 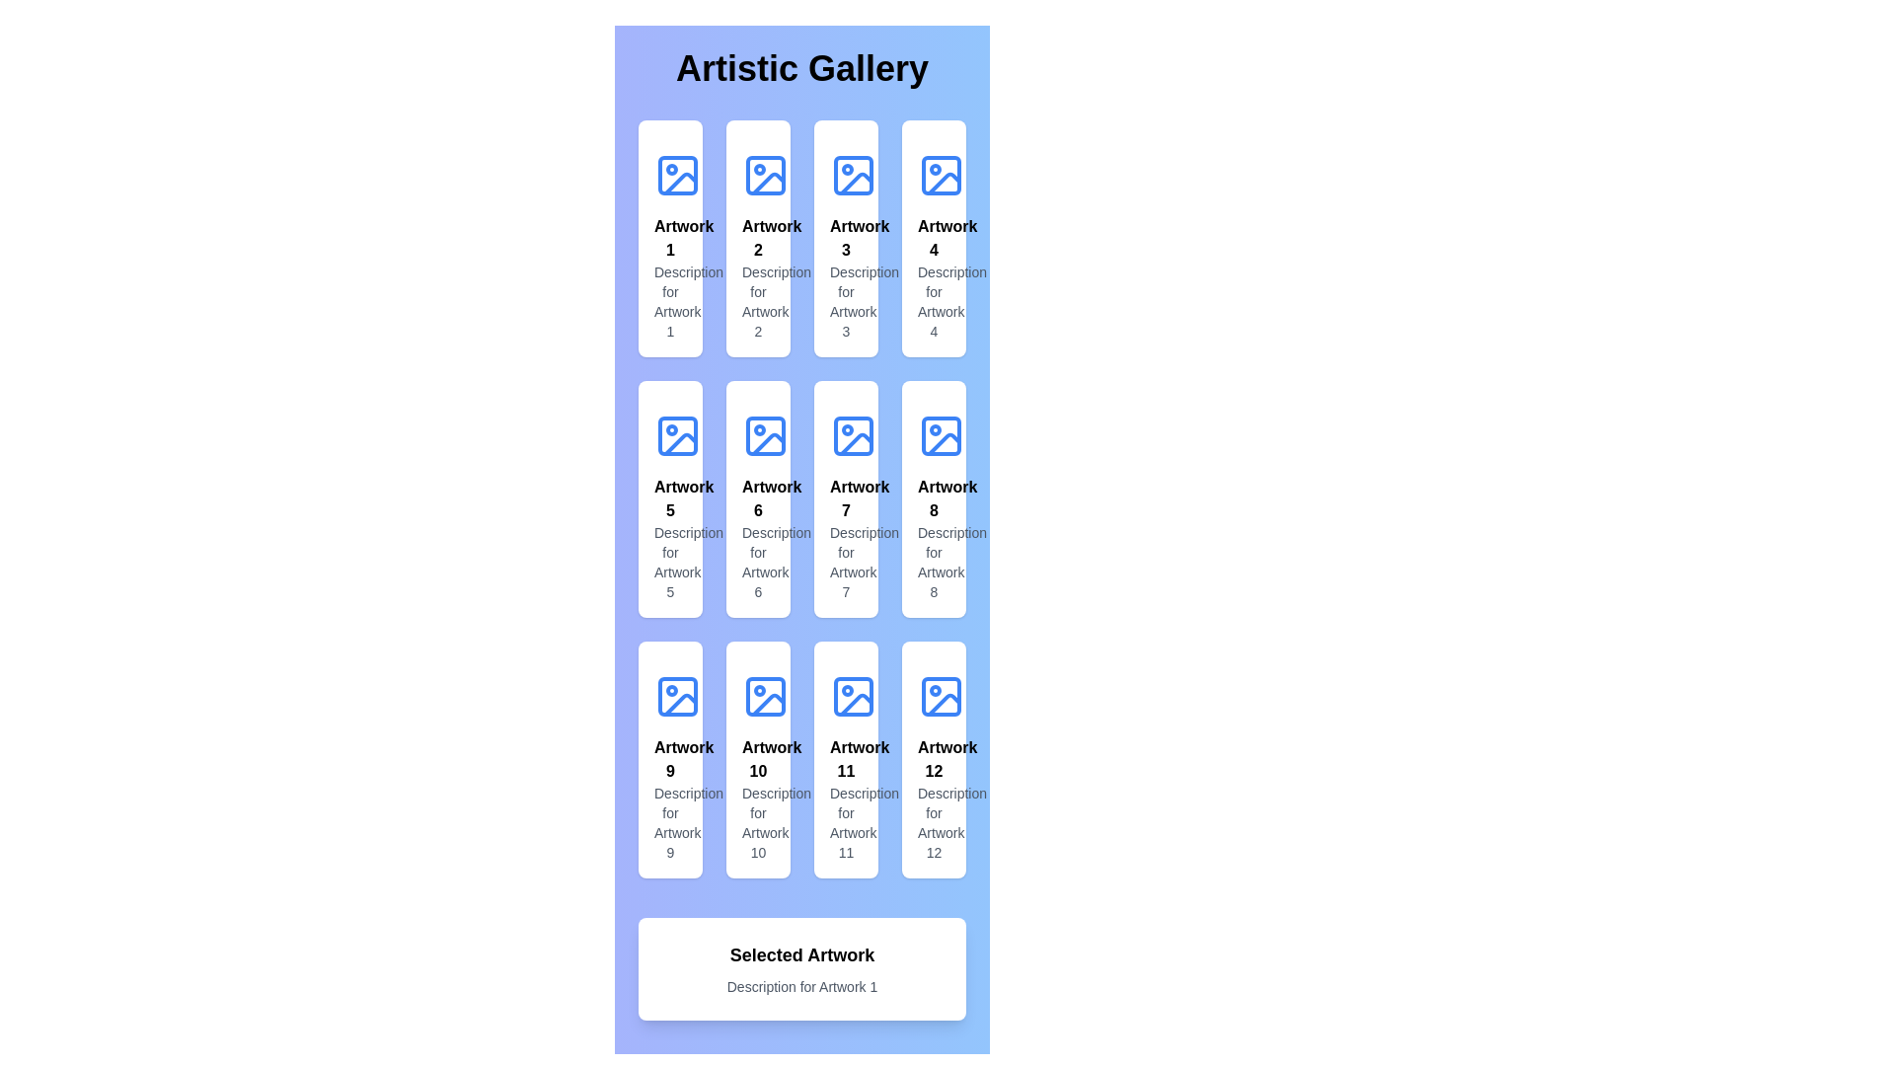 I want to click on the blue outlined square icon representing a photo at the top of the card labeled 'Artwork 7', so click(x=853, y=435).